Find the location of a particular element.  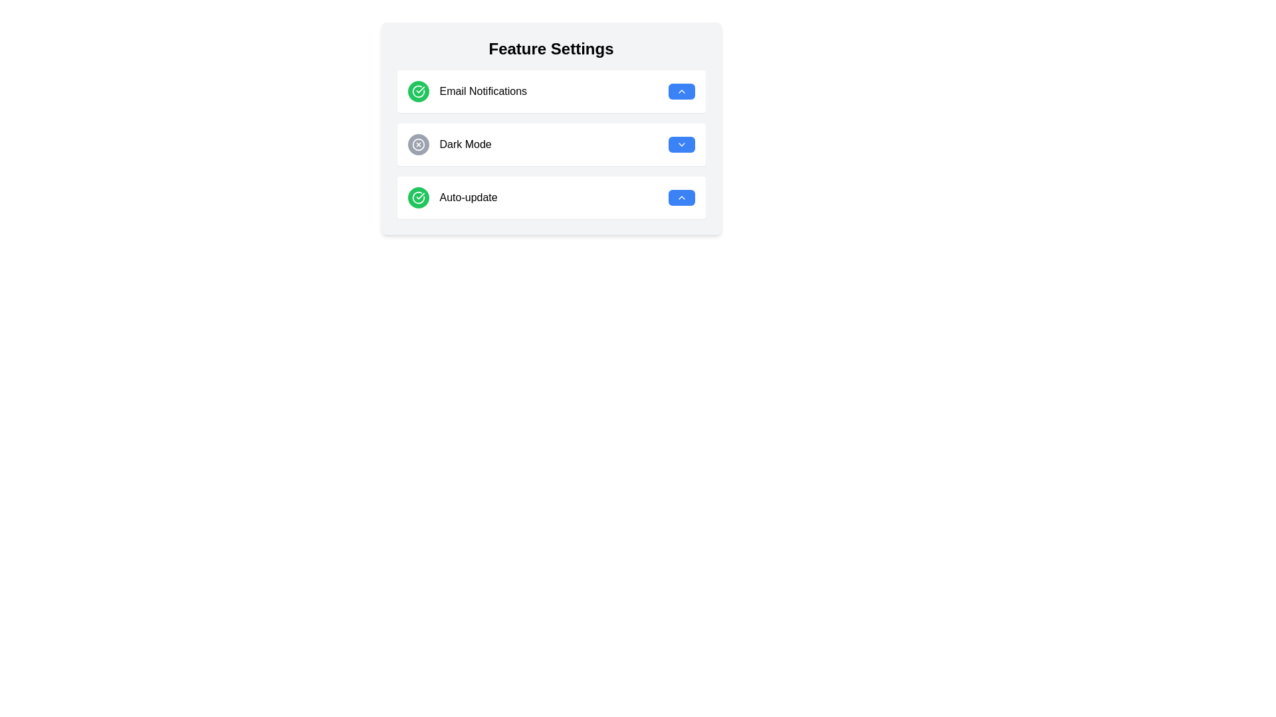

the circular gray button with a white 'X' icon, which indicates cancel or close, positioned to the left of 'Dark Mode' is located at coordinates (417, 145).